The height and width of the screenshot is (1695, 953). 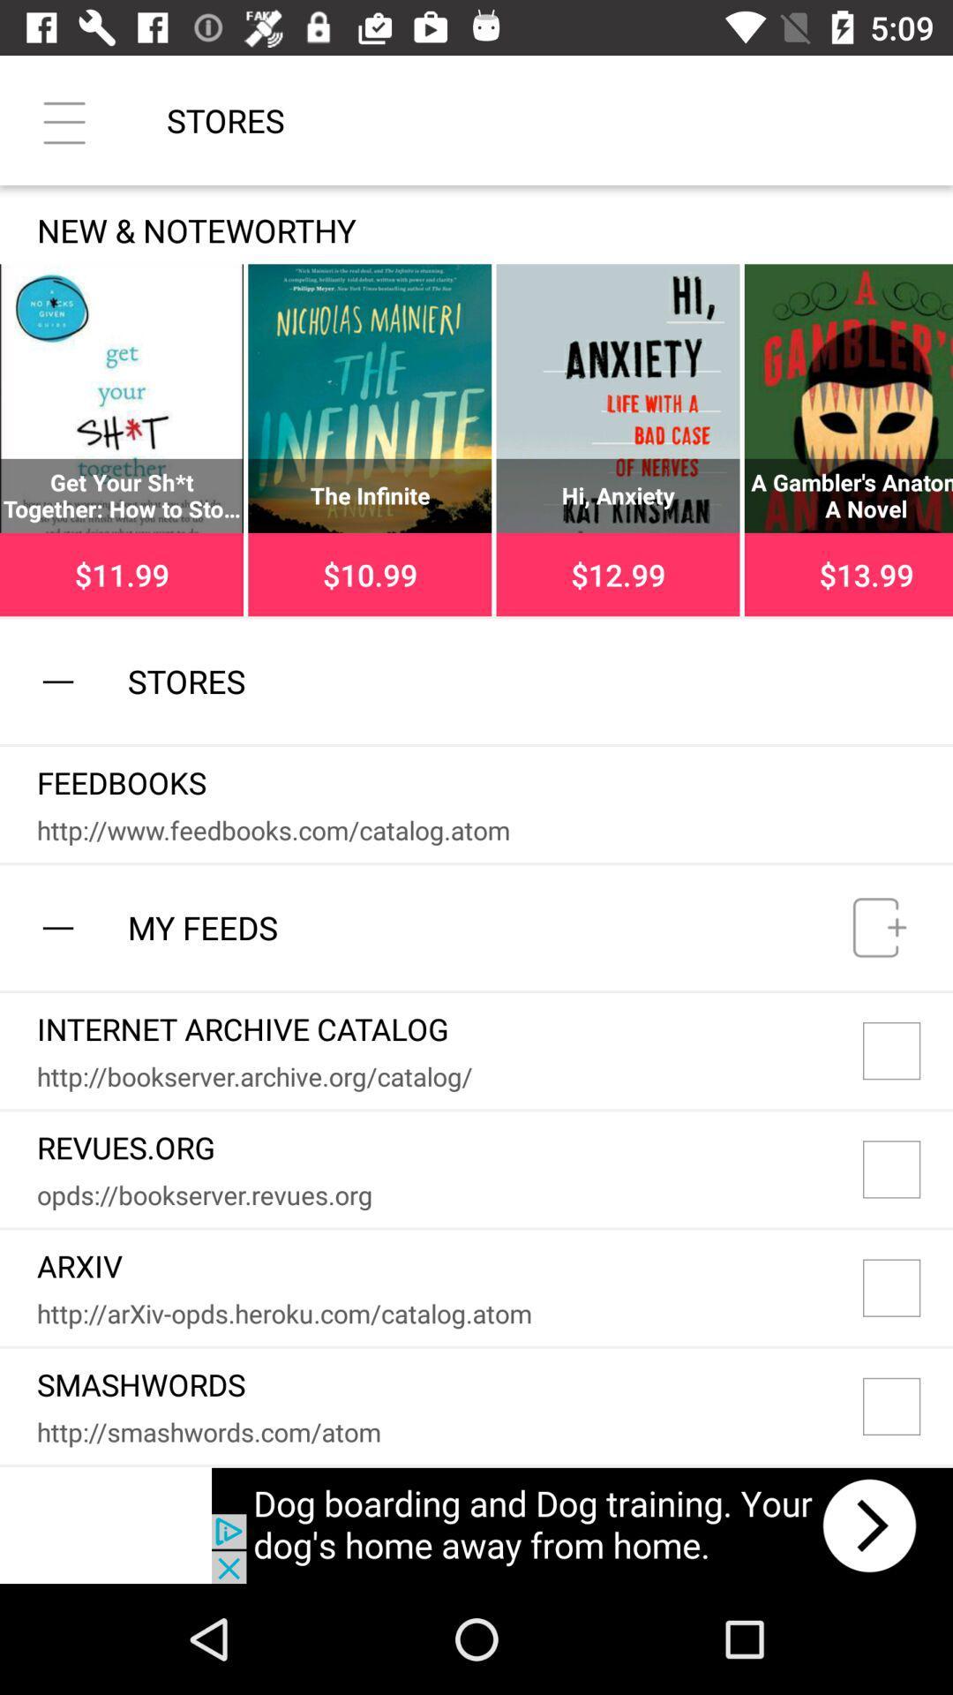 I want to click on the second box in my feeds, so click(x=908, y=1169).